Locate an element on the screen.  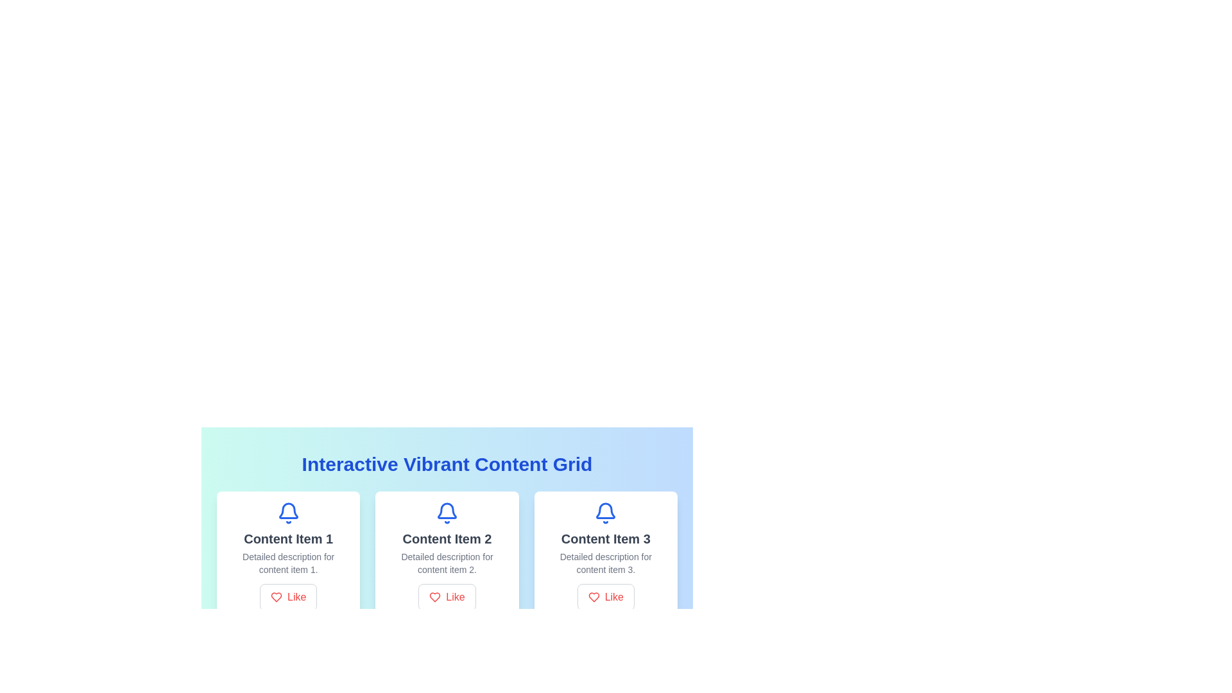
the bell icon located at the top center of the card titled 'Content Item 3', which represents notifications or alerts for that content item is located at coordinates (605, 512).